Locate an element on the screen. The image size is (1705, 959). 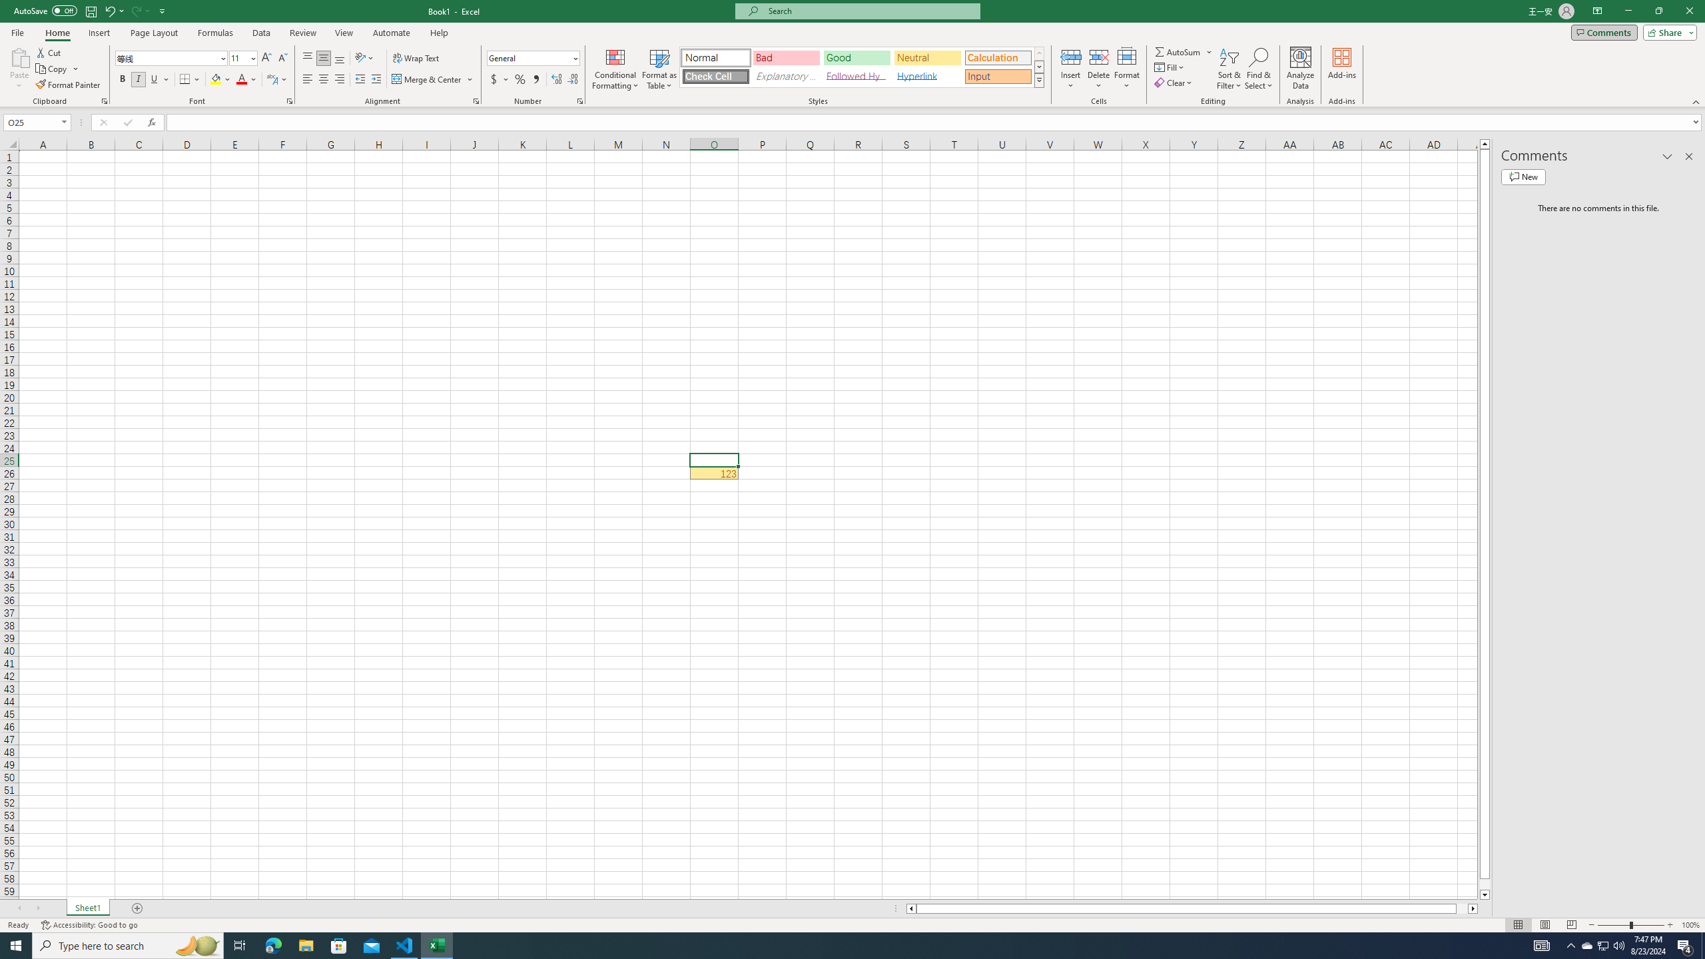
'Top Align' is located at coordinates (307, 58).